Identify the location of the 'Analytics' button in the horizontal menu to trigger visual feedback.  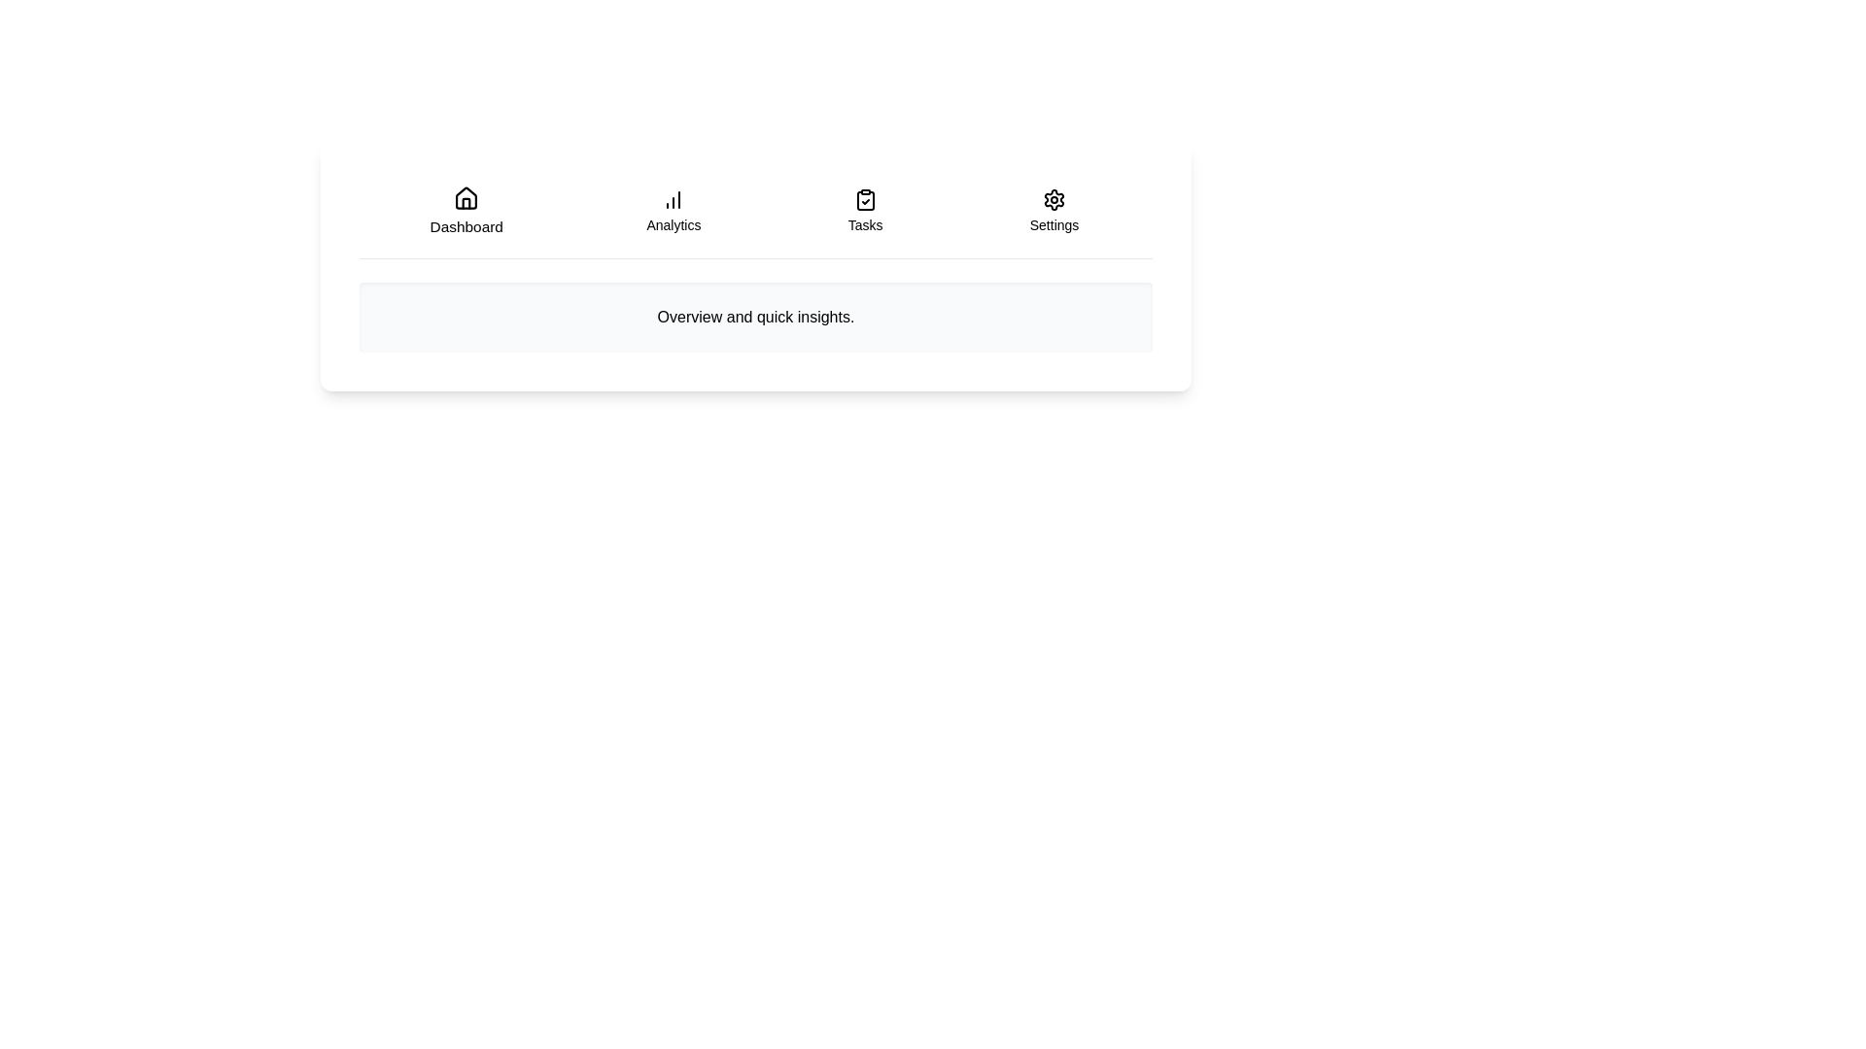
(674, 212).